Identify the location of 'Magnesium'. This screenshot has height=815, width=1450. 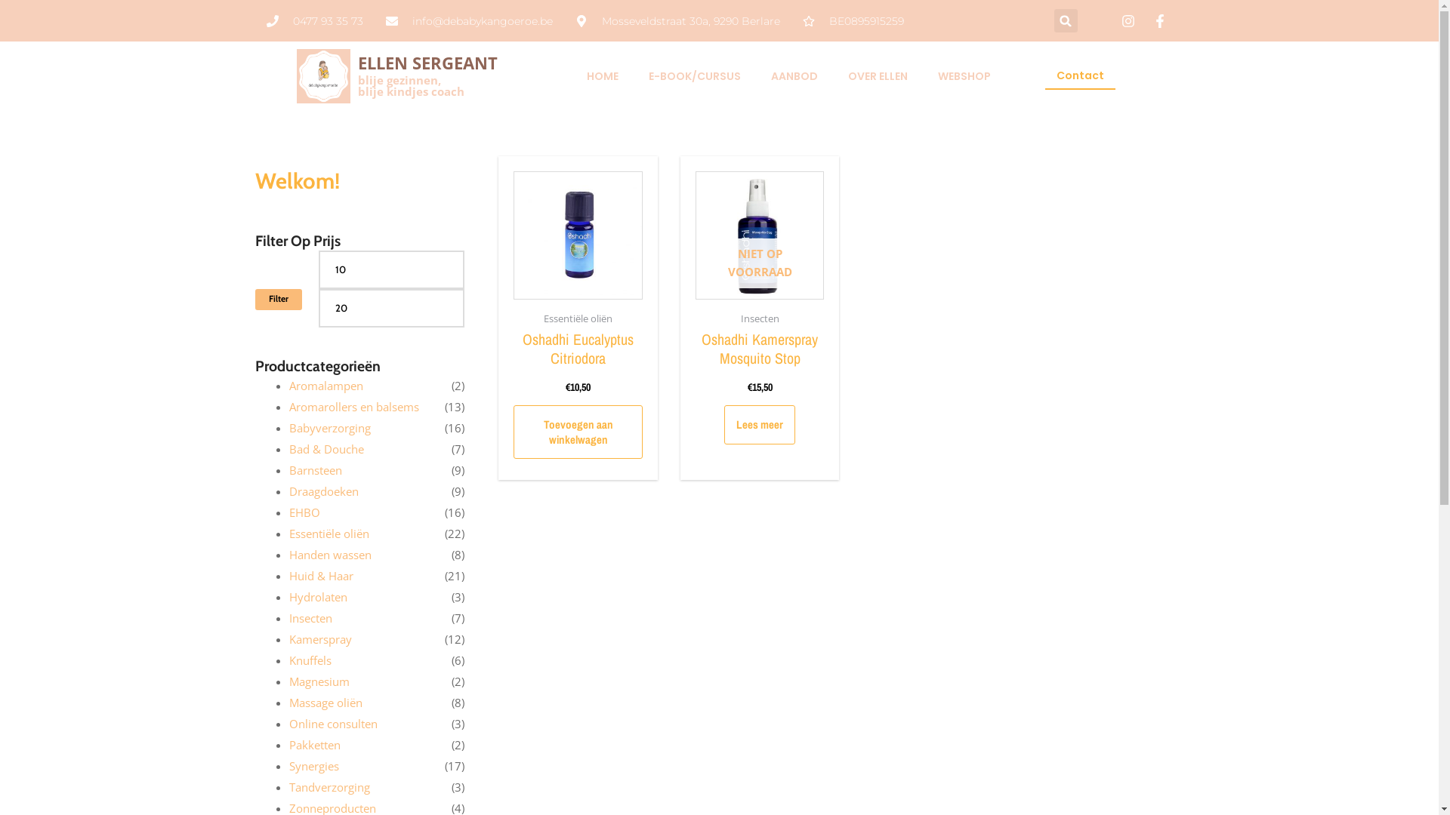
(318, 681).